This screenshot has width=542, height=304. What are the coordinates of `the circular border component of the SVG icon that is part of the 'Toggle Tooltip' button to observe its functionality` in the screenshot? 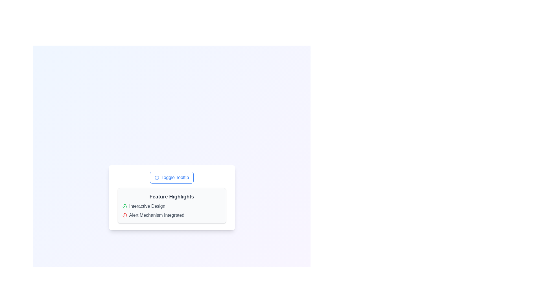 It's located at (157, 178).